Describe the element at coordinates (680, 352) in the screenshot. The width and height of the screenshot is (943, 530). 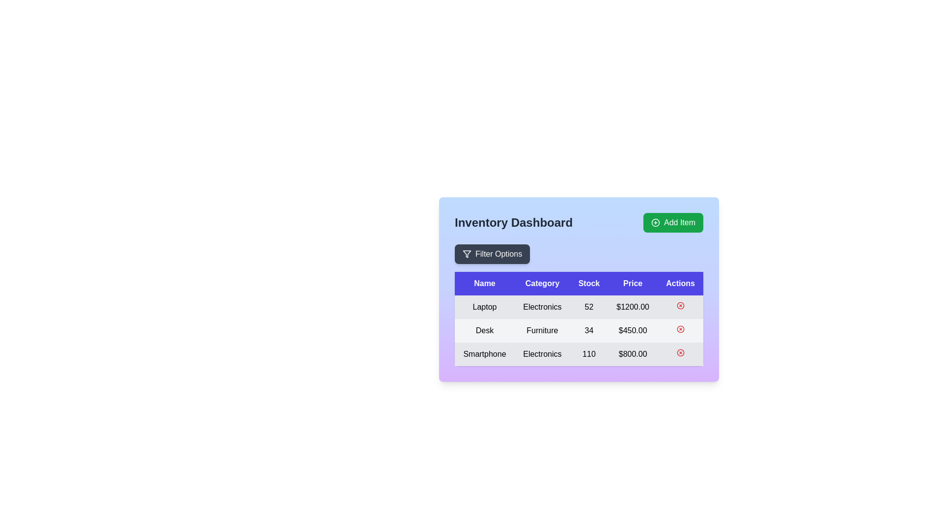
I see `the Circular graphical indicator in the 'Actions' column associated with the 'Smartphone' entry` at that location.